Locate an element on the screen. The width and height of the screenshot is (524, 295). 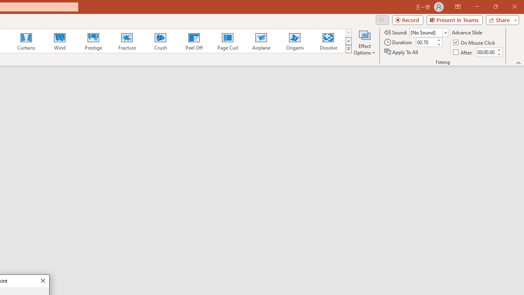
'Dissolve' is located at coordinates (328, 41).